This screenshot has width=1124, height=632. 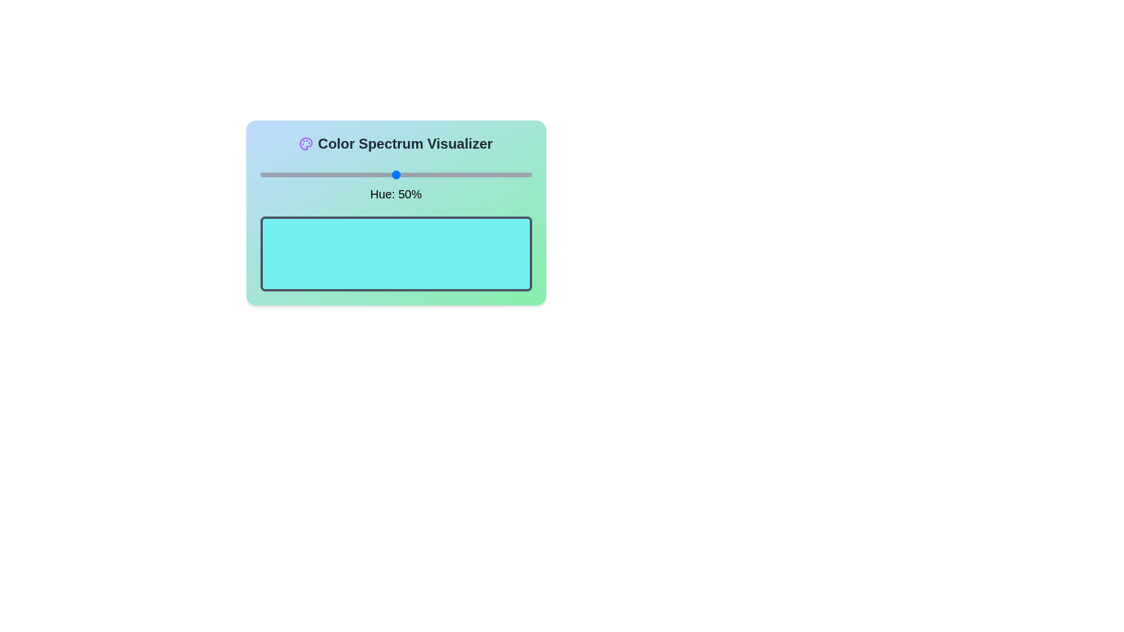 What do you see at coordinates (309, 175) in the screenshot?
I see `the slider to set the hue to 18%` at bounding box center [309, 175].